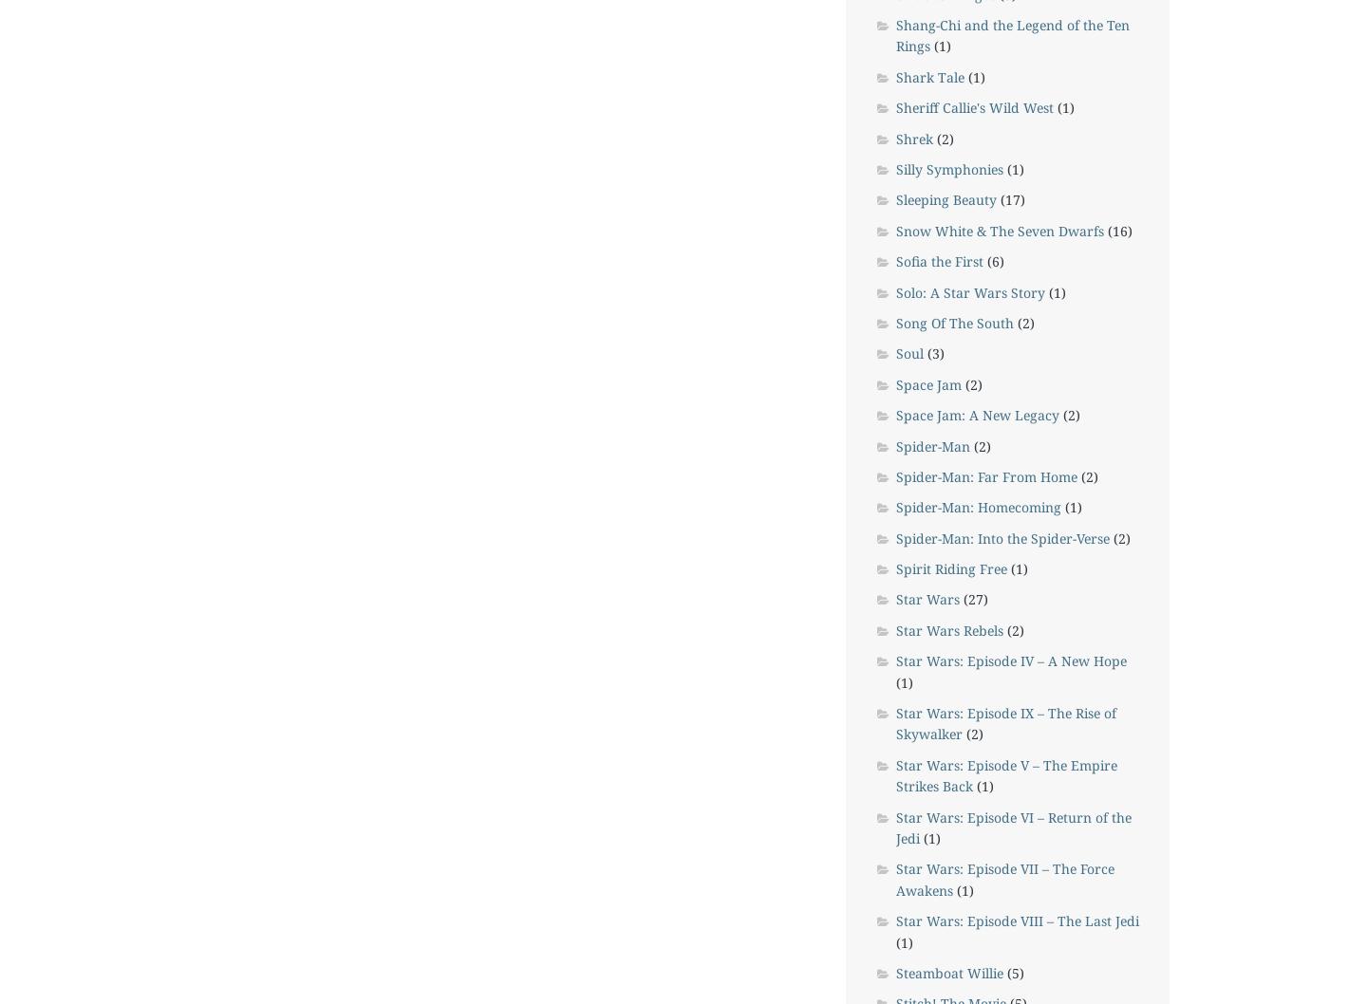  Describe the element at coordinates (977, 415) in the screenshot. I see `'Space Jam: A New Legacy'` at that location.